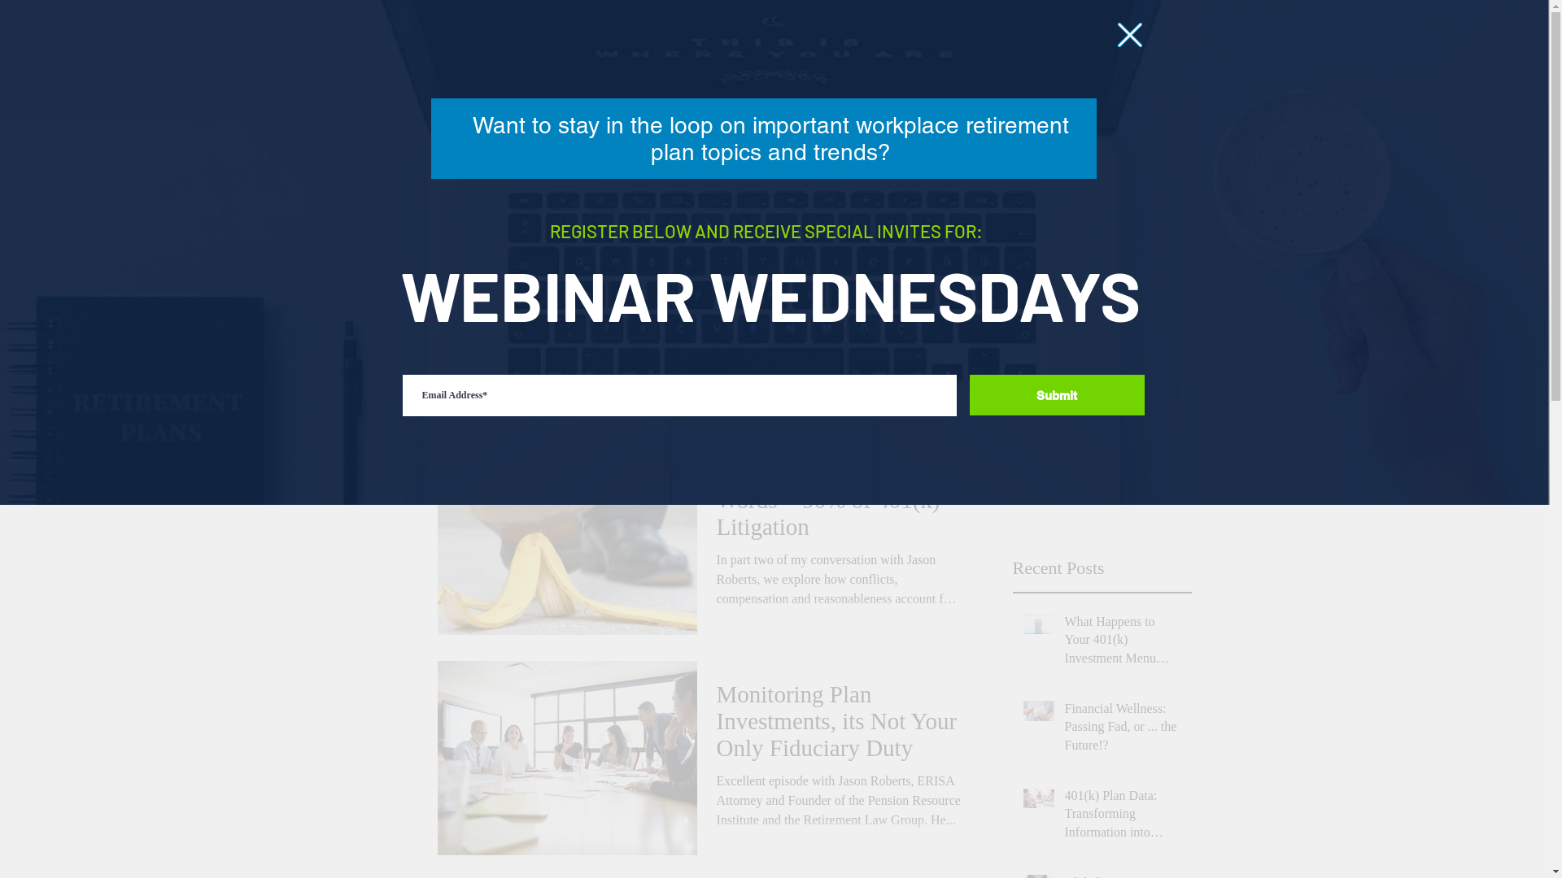 This screenshot has width=1562, height=878. I want to click on '401(k) Plan Data: Transforming Information into Insights!', so click(1122, 817).